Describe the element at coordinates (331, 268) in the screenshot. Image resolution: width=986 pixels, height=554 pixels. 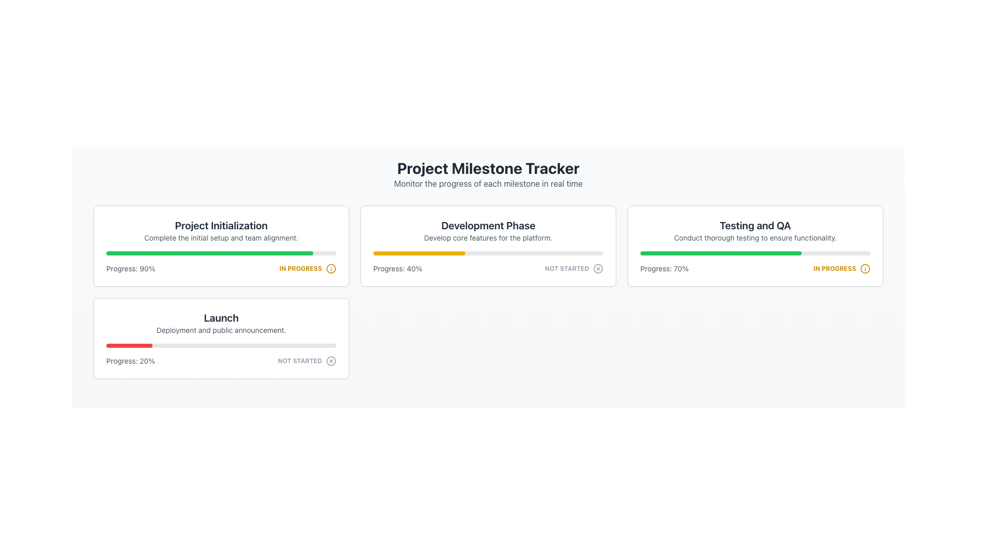
I see `the yellow circular icon with an exclamation mark located to the right of the 'In Progress' status text in the 'Project Initialization' card` at that location.